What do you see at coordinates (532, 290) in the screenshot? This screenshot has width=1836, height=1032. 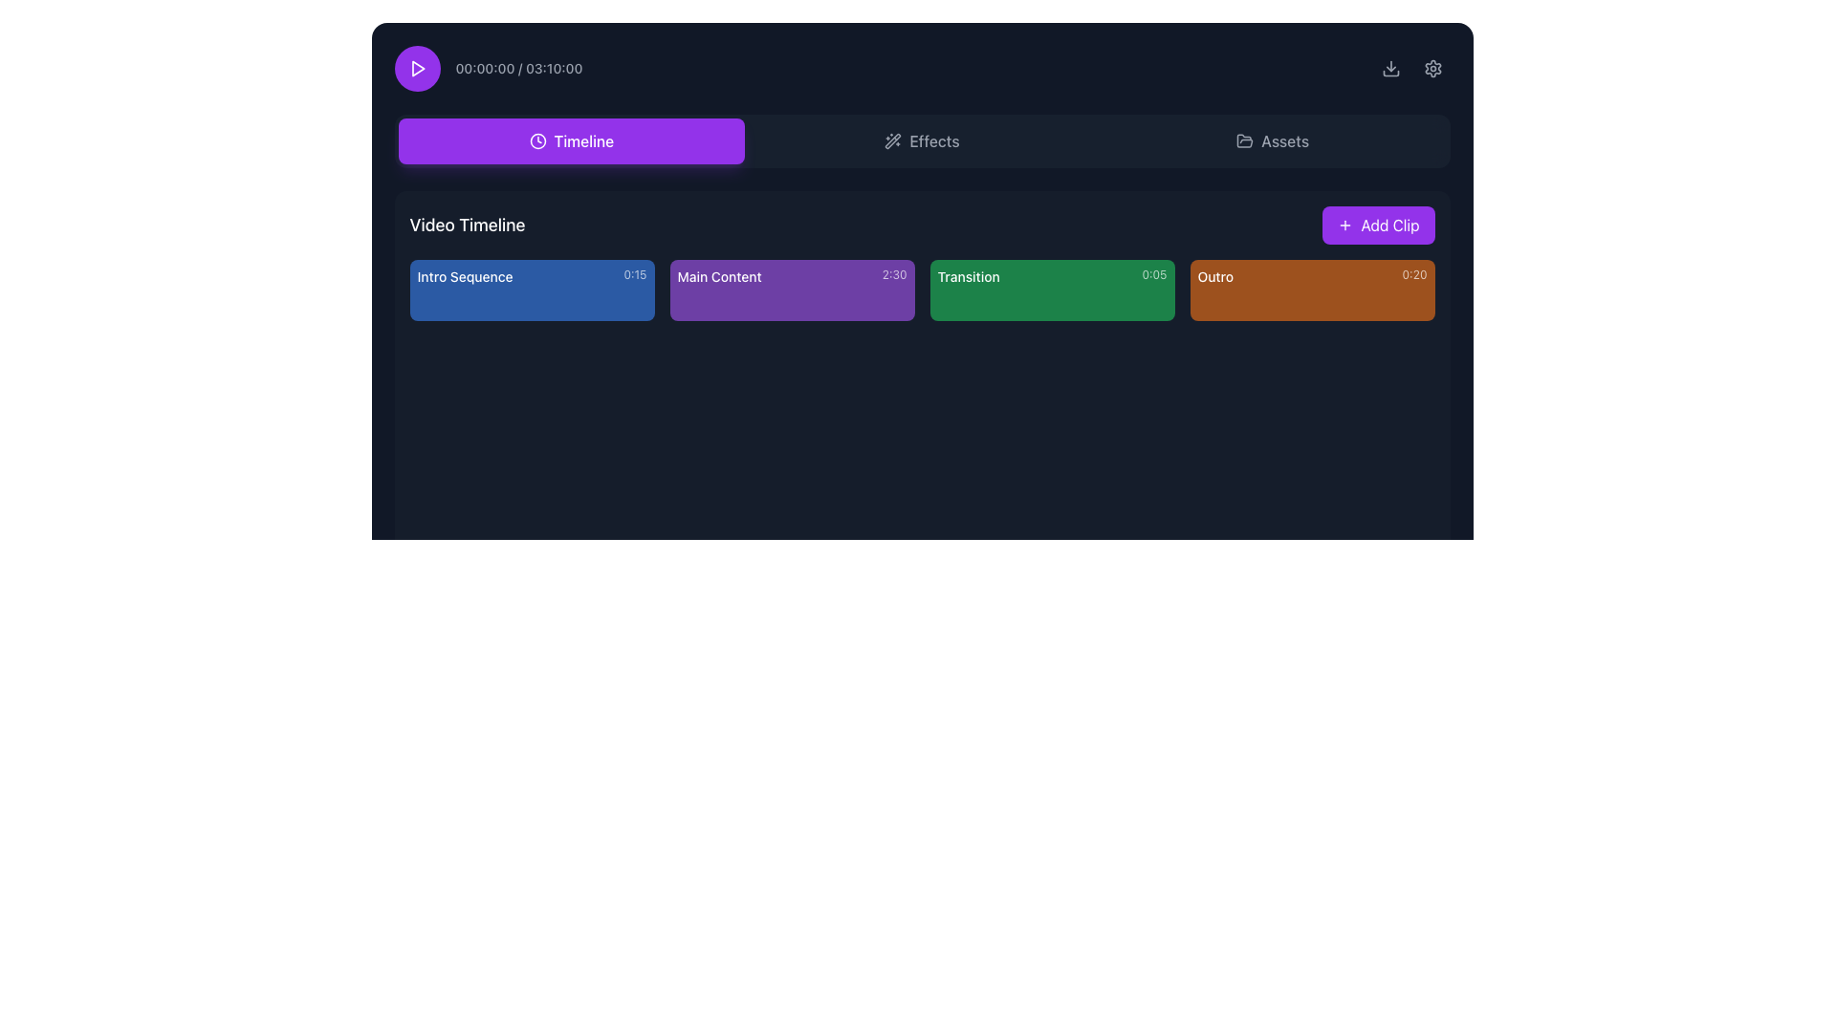 I see `the first timeline segment item in the Video Timeline section` at bounding box center [532, 290].